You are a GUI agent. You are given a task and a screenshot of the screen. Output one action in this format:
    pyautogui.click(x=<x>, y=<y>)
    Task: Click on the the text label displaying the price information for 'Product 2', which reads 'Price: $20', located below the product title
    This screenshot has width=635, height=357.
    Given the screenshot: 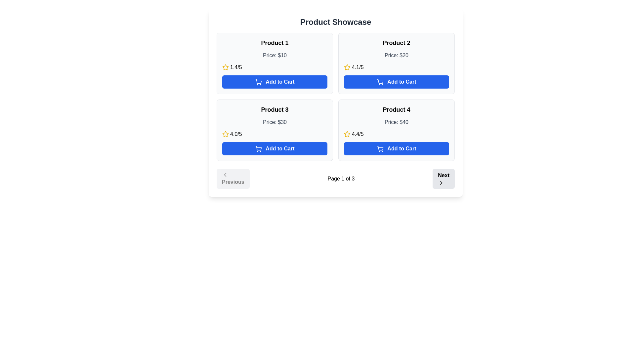 What is the action you would take?
    pyautogui.click(x=397, y=55)
    